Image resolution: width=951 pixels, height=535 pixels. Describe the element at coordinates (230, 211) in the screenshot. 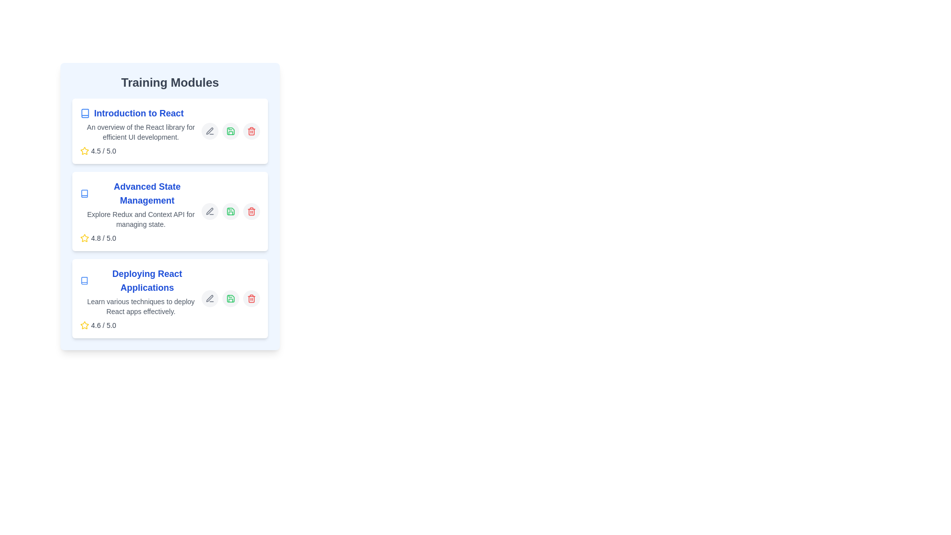

I see `the second button in the horizontal line of buttons to the right of the 'Advanced State Management' module, which triggers a tooltip or highlight effect` at that location.